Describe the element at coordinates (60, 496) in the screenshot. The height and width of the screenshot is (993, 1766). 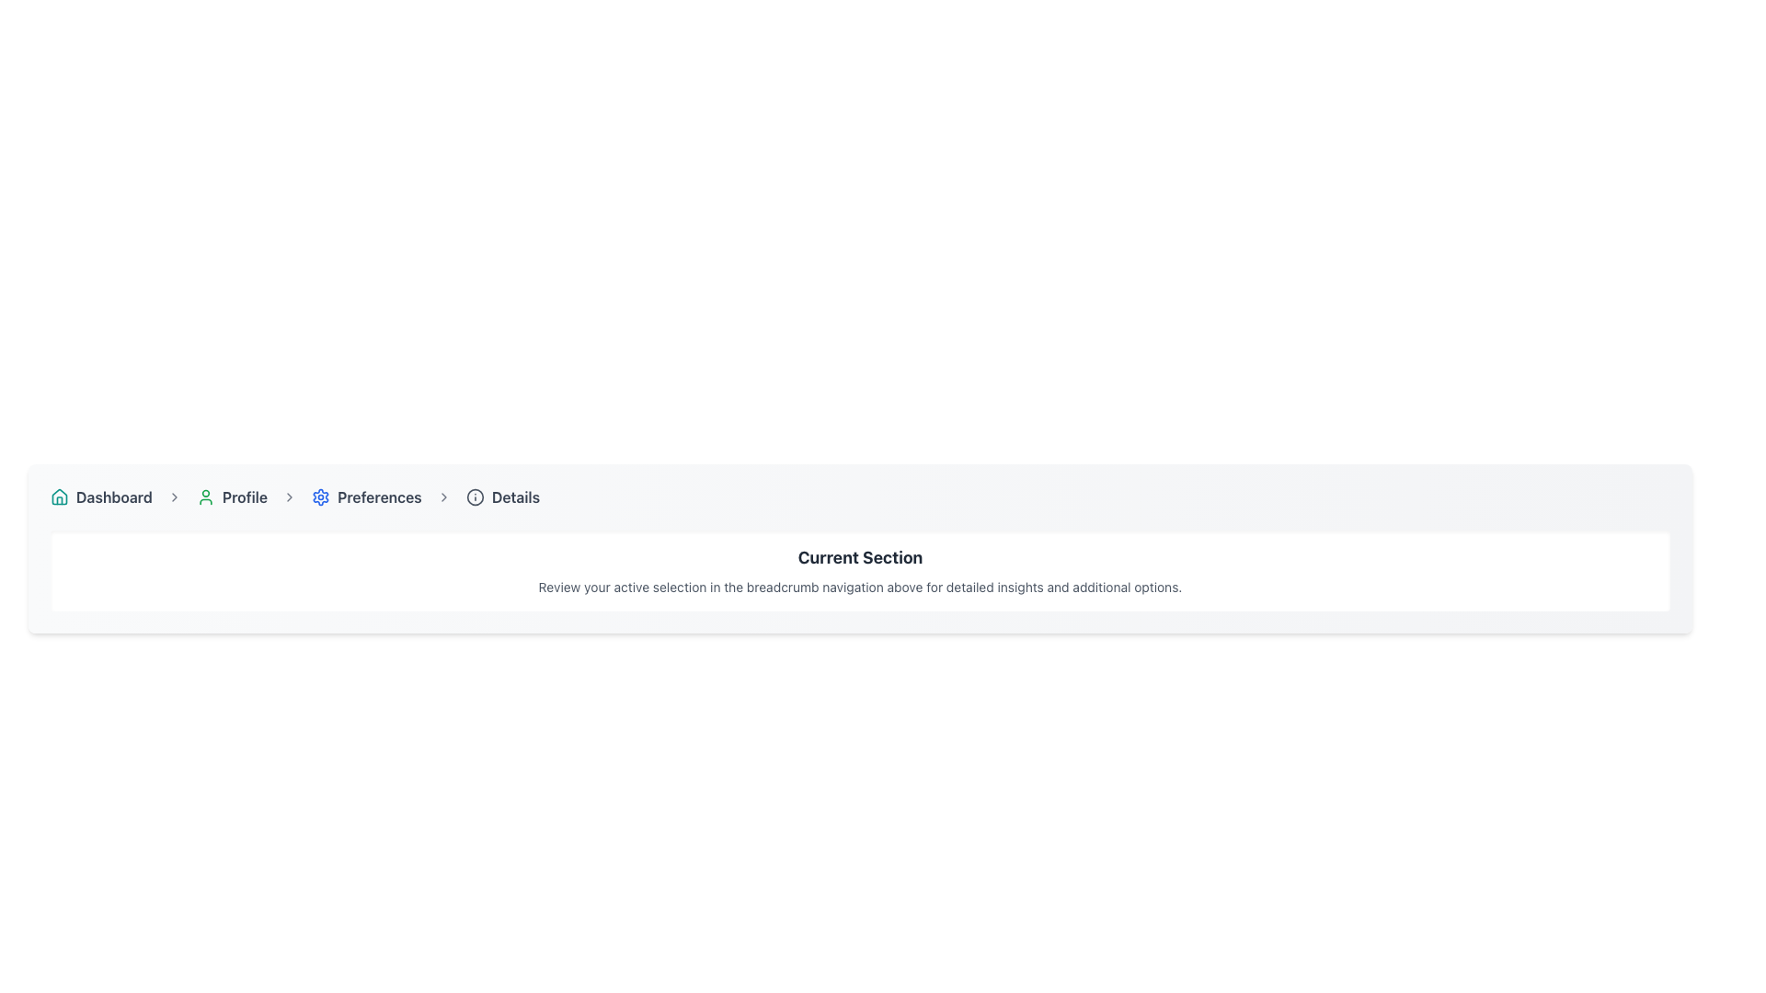
I see `the house-shaped teal icon located at the top-left corner of the breadcrumb navigation bar, before the text 'Dashboard'` at that location.